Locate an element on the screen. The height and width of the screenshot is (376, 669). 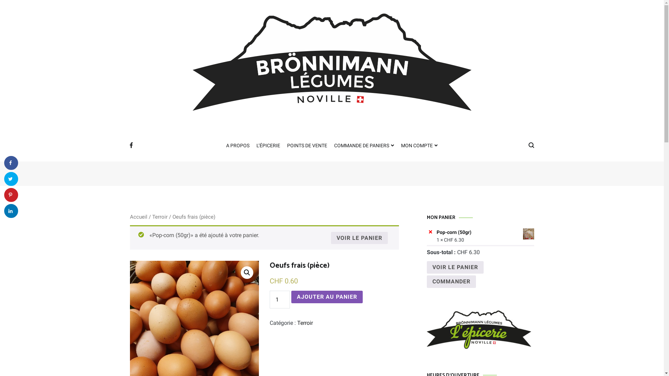
'Share on Facebook' is located at coordinates (11, 163).